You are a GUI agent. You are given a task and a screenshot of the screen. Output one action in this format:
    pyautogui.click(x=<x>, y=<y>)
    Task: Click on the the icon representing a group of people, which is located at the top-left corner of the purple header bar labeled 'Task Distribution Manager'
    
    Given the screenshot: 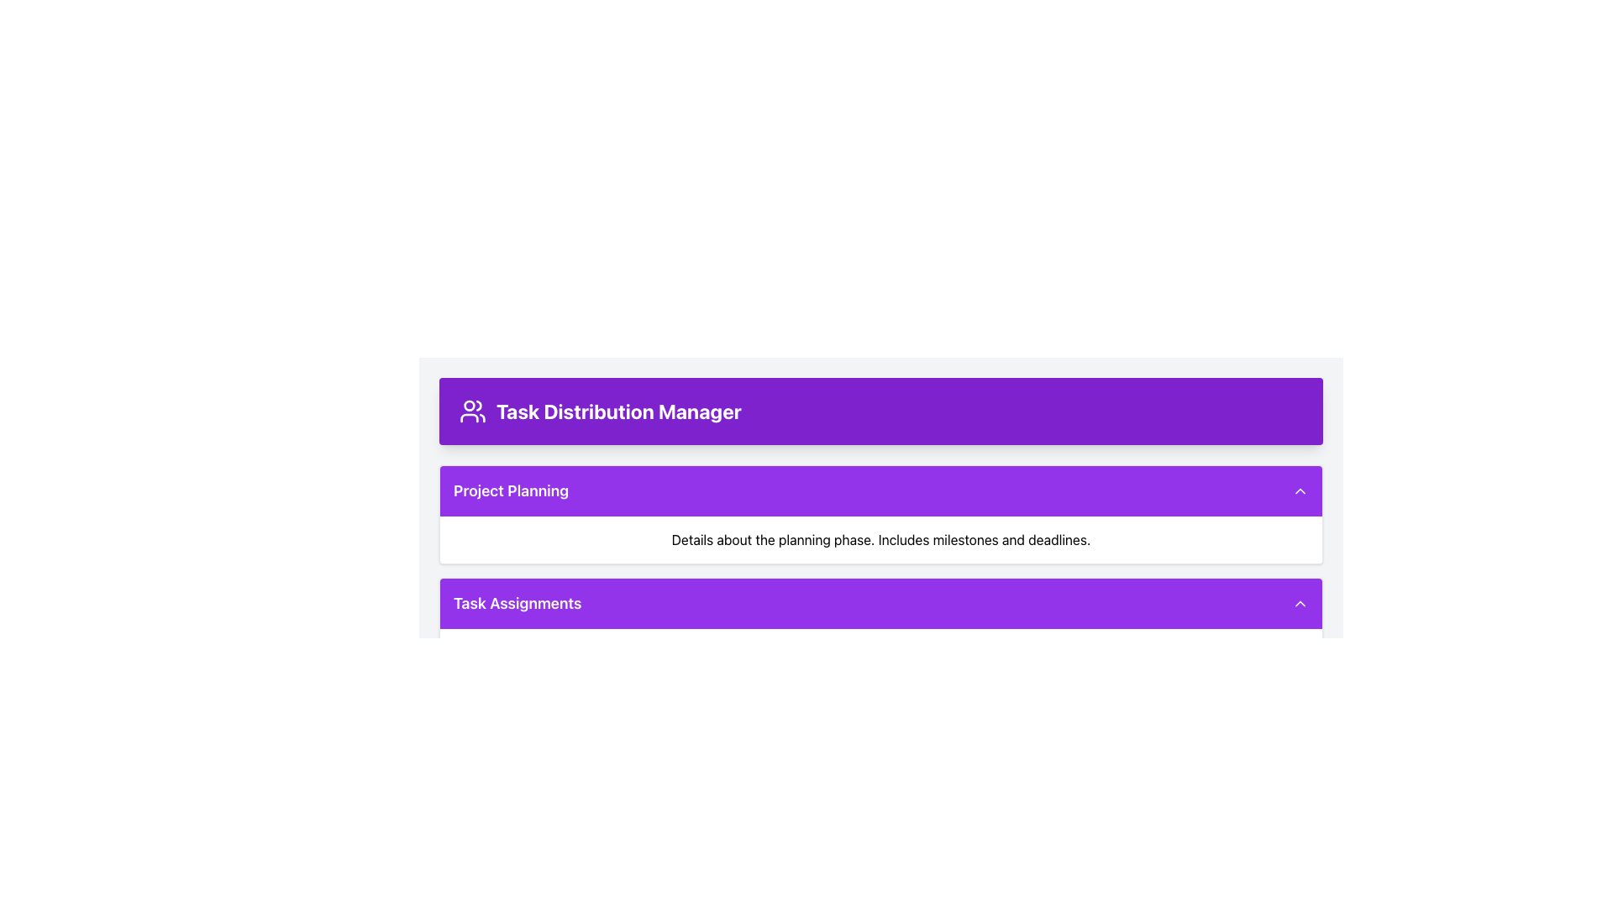 What is the action you would take?
    pyautogui.click(x=471, y=411)
    